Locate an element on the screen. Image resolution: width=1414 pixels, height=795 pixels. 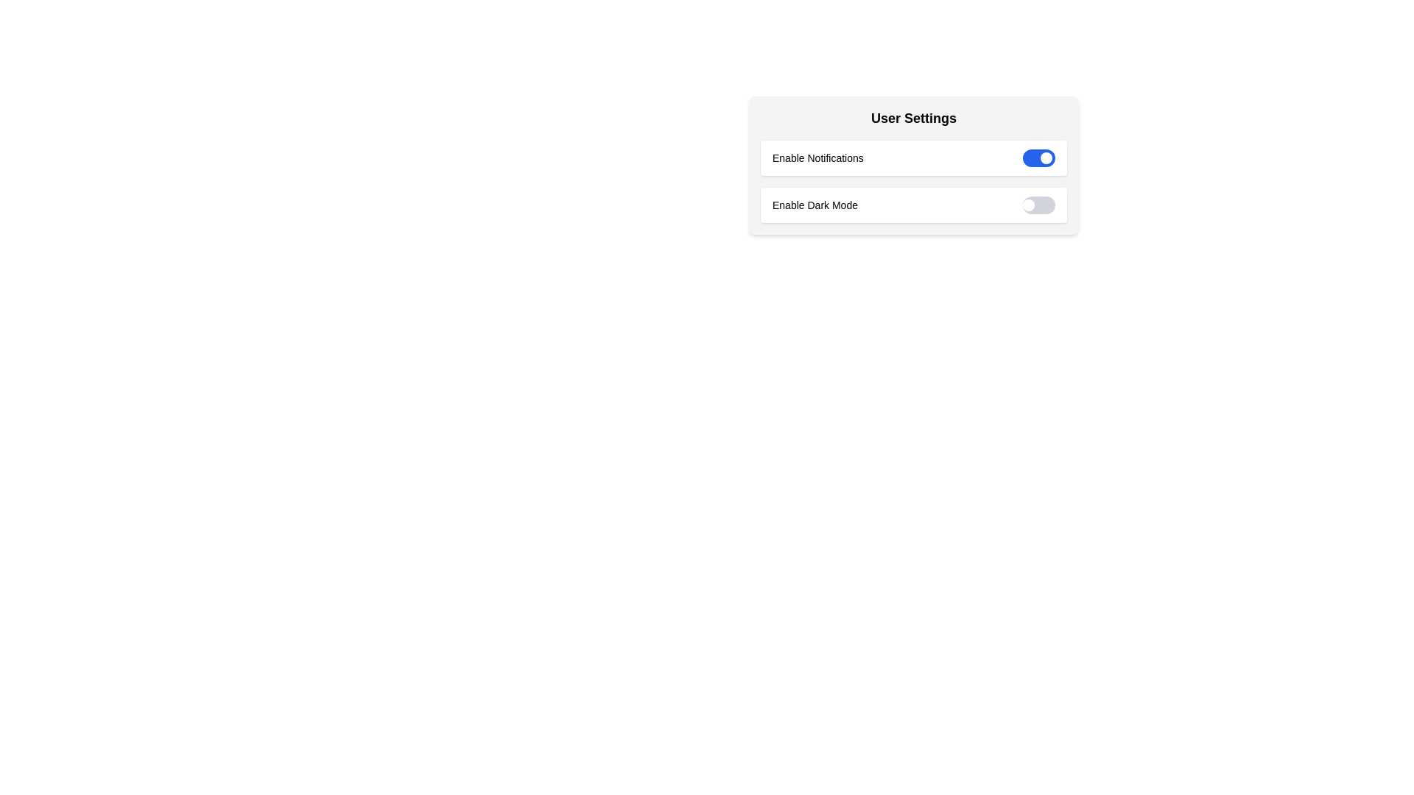
the toggle switch is located at coordinates (1038, 205).